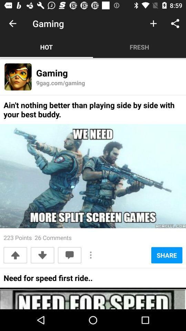  I want to click on icon to the left of the share, so click(91, 255).